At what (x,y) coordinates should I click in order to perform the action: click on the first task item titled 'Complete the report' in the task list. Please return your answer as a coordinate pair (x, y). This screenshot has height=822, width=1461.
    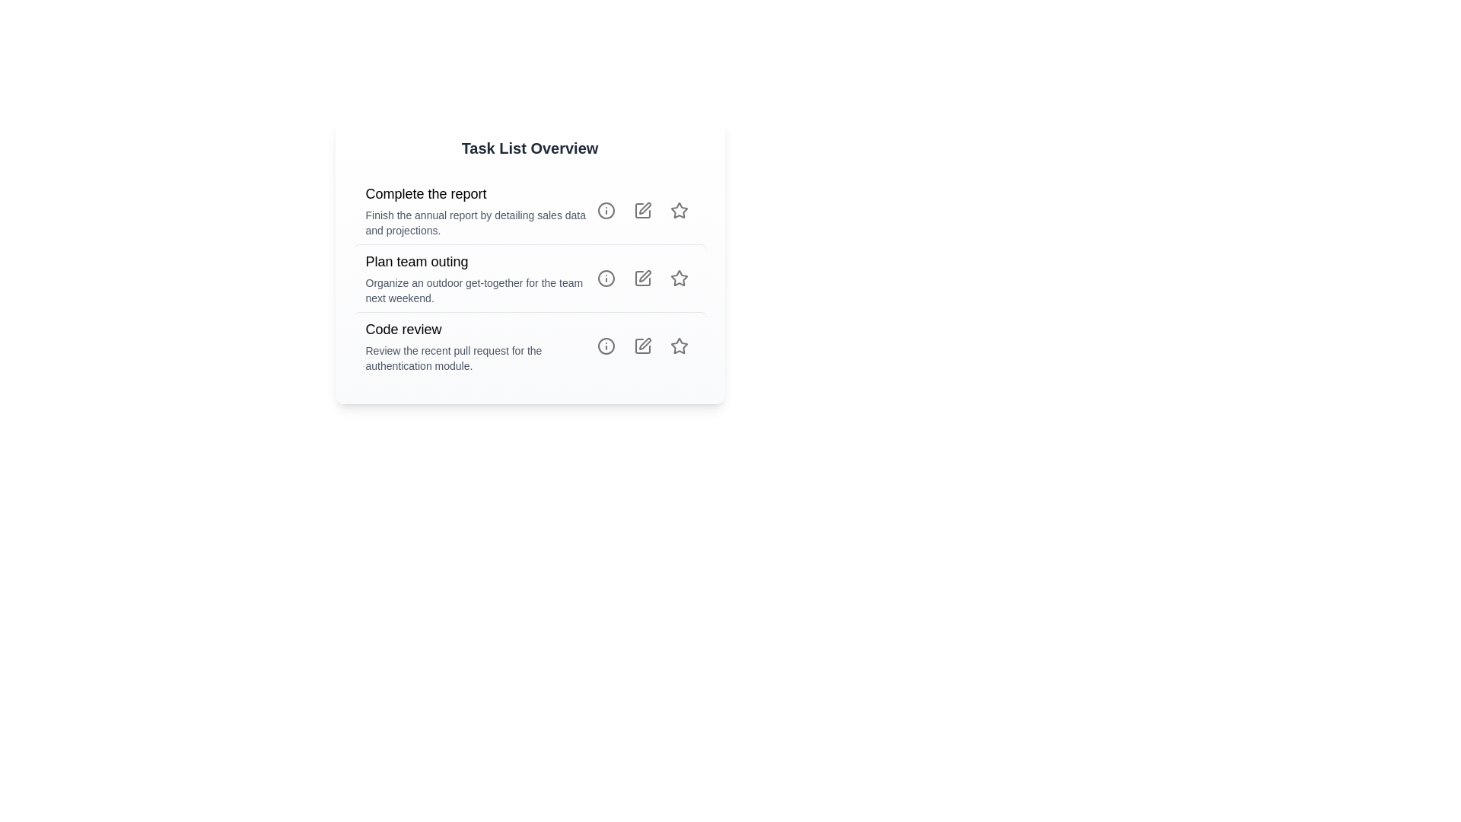
    Looking at the image, I should click on (477, 211).